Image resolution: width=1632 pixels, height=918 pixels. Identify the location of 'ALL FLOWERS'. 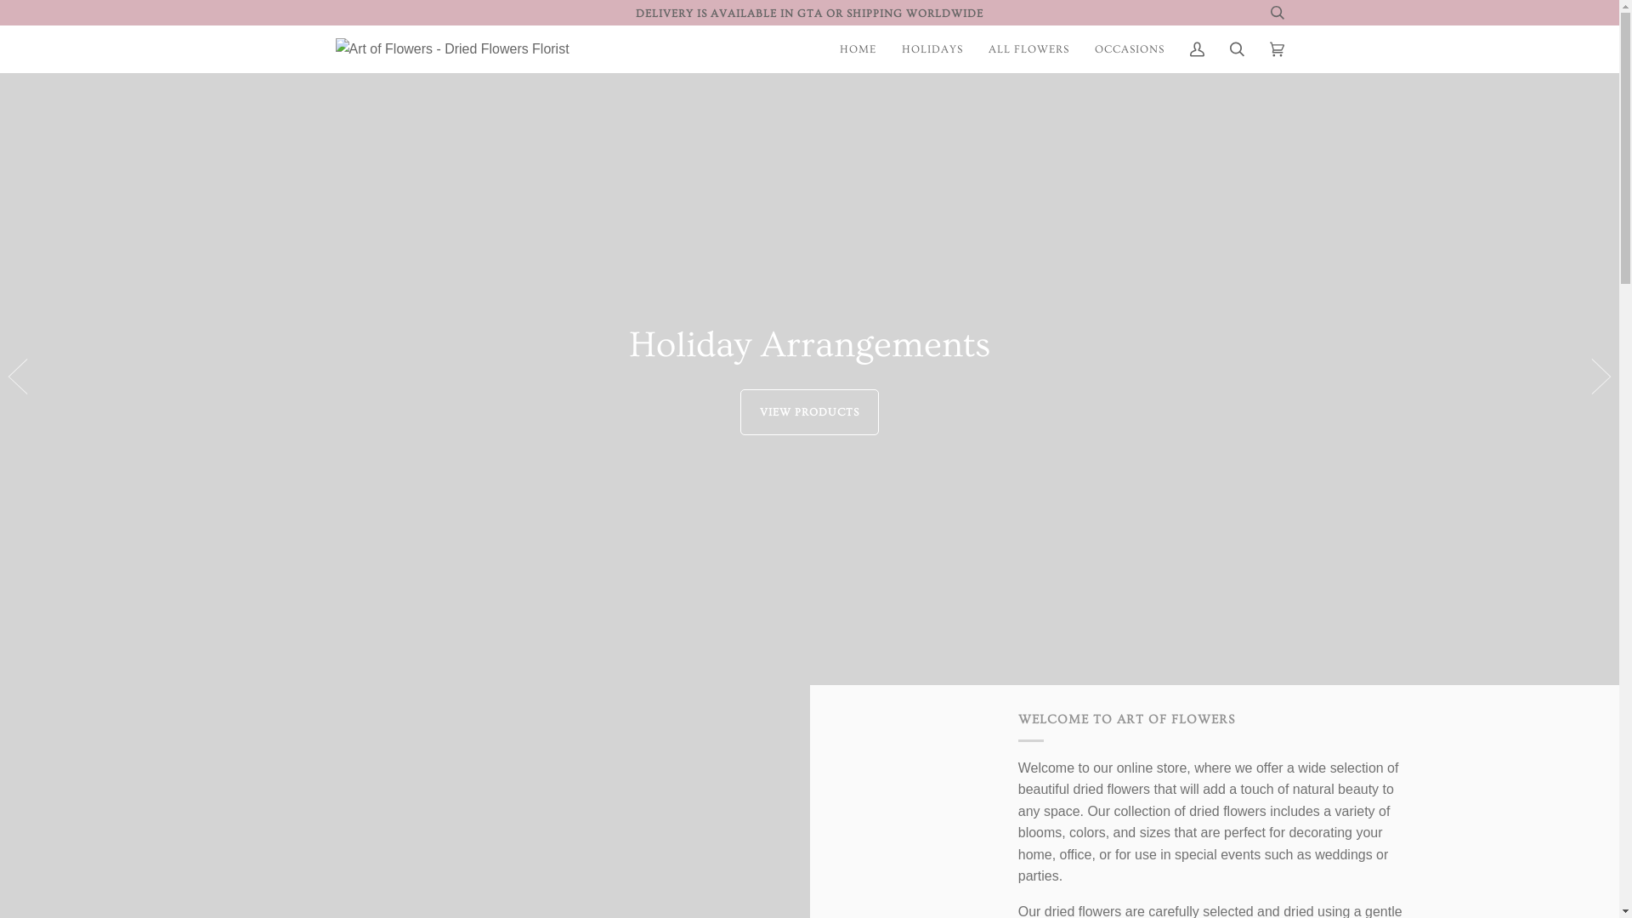
(1028, 48).